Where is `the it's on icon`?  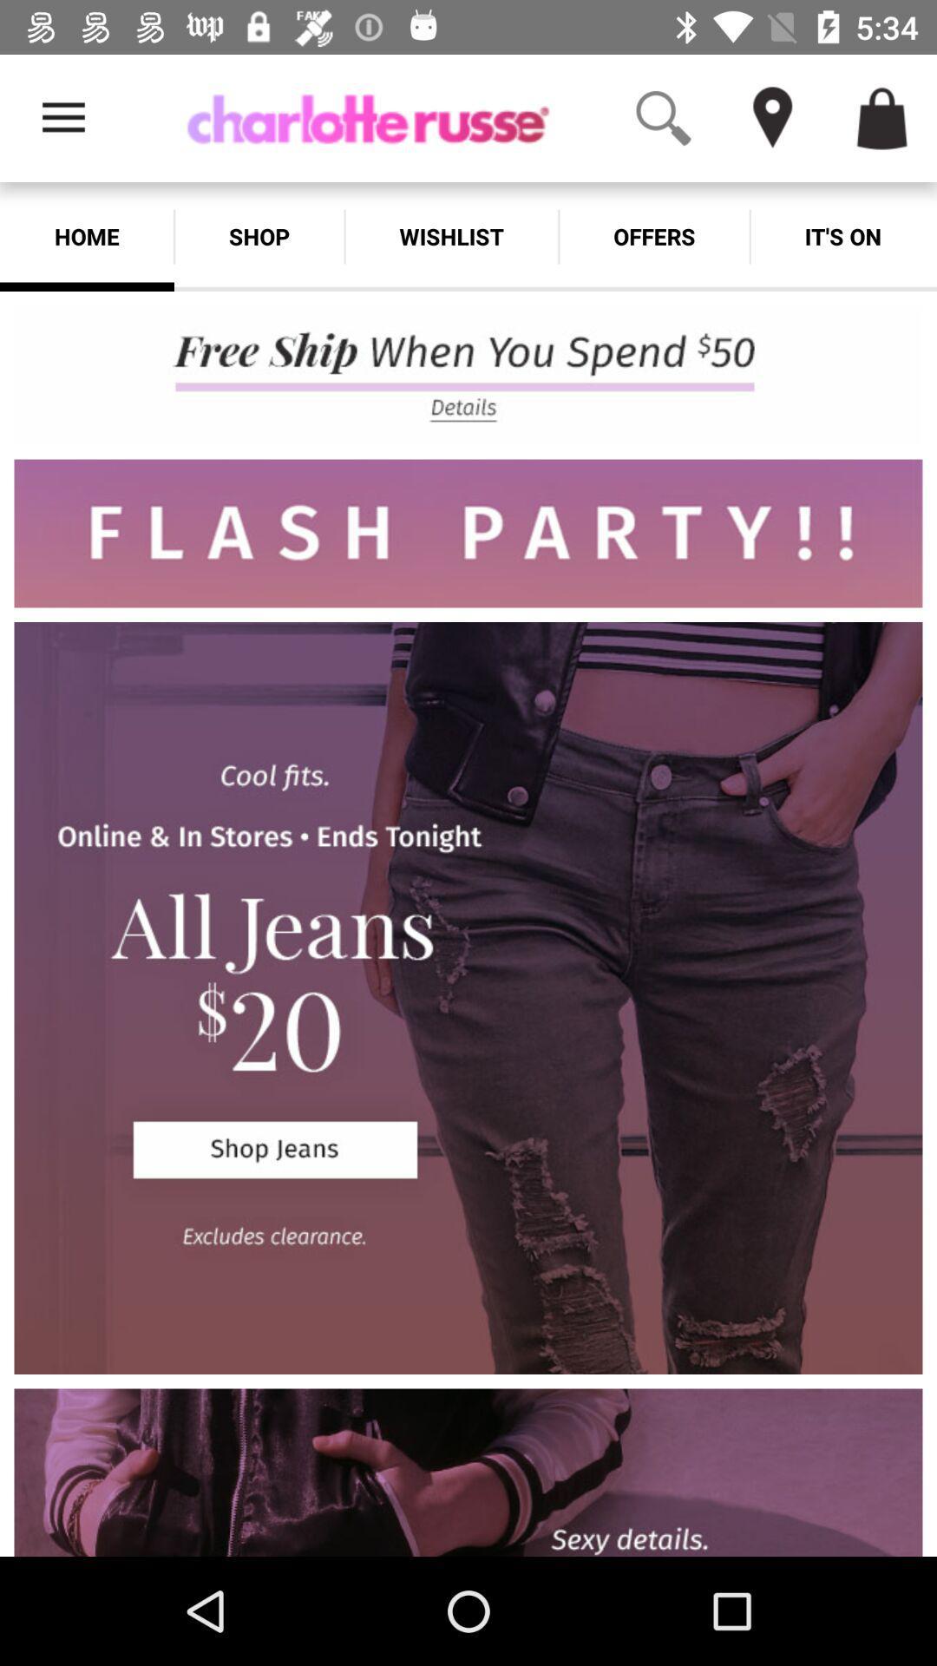 the it's on icon is located at coordinates (842, 236).